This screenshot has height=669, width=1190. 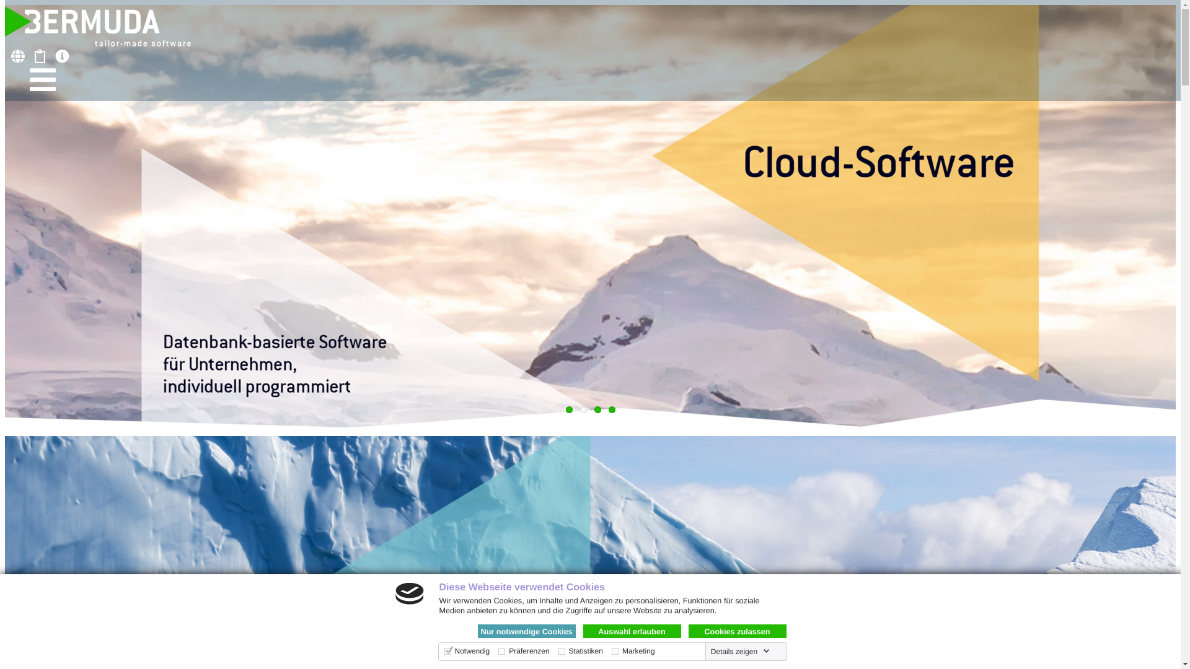 I want to click on 'Auswahl erlauben', so click(x=631, y=631).